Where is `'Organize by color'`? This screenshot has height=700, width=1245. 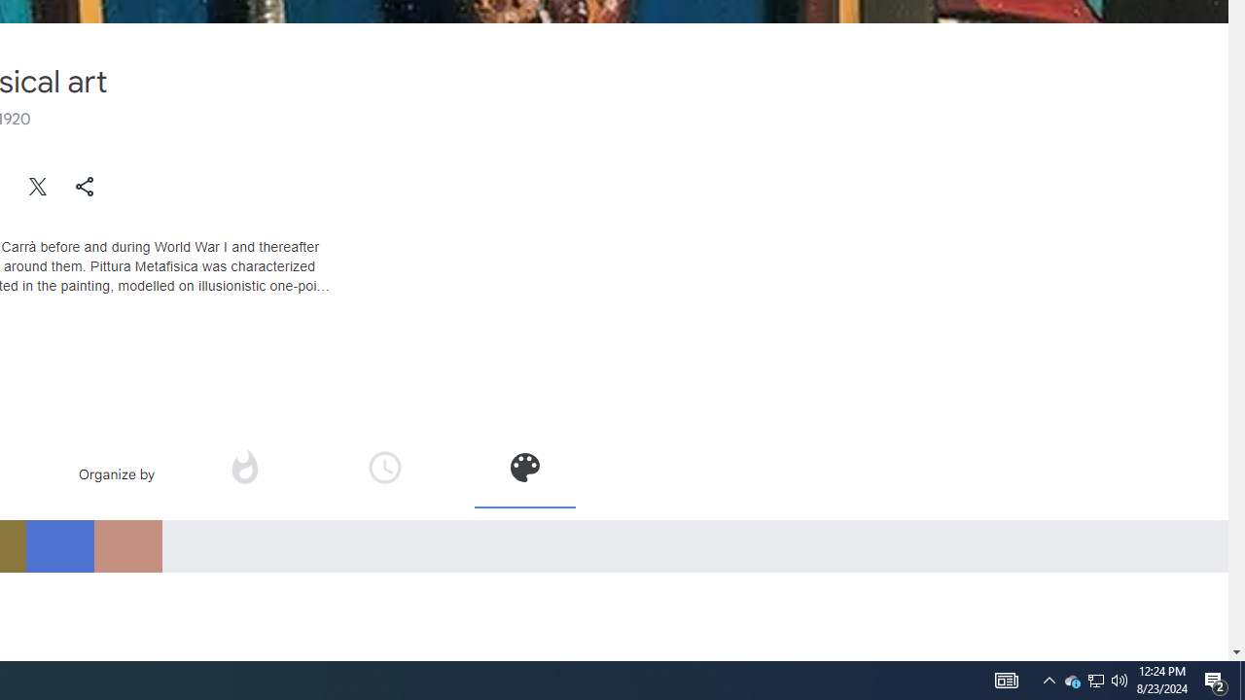
'Organize by color' is located at coordinates (523, 473).